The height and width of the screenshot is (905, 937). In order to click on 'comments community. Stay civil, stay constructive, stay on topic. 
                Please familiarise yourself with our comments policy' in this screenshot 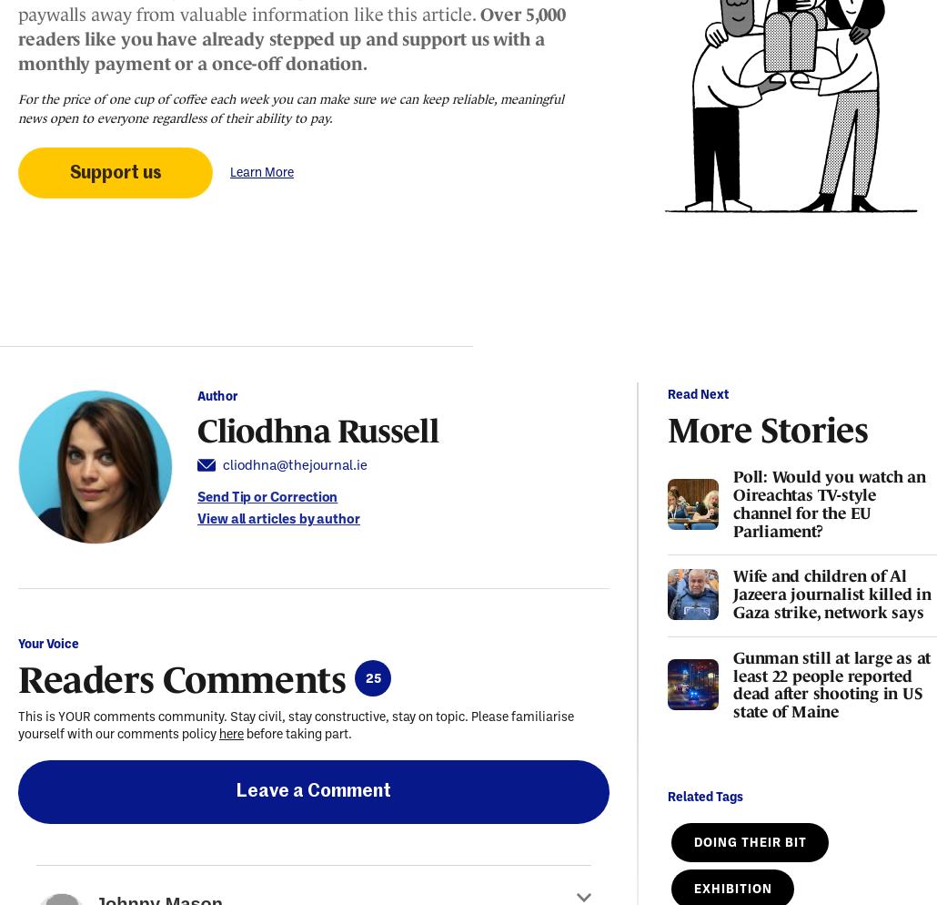, I will do `click(17, 724)`.